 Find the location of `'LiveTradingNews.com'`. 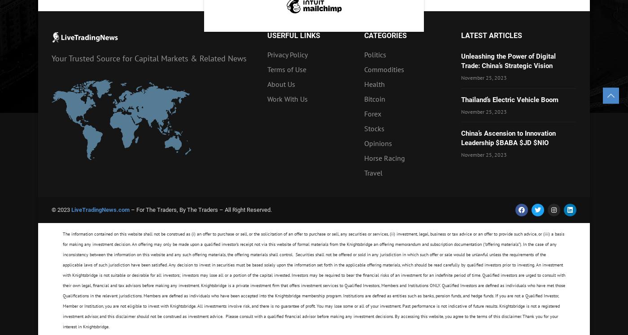

'LiveTradingNews.com' is located at coordinates (71, 210).